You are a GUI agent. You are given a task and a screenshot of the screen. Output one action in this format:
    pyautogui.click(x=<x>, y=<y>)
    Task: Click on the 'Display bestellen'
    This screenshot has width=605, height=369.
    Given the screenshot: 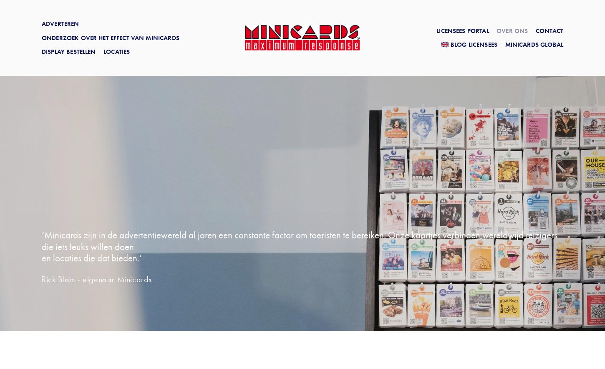 What is the action you would take?
    pyautogui.click(x=68, y=51)
    